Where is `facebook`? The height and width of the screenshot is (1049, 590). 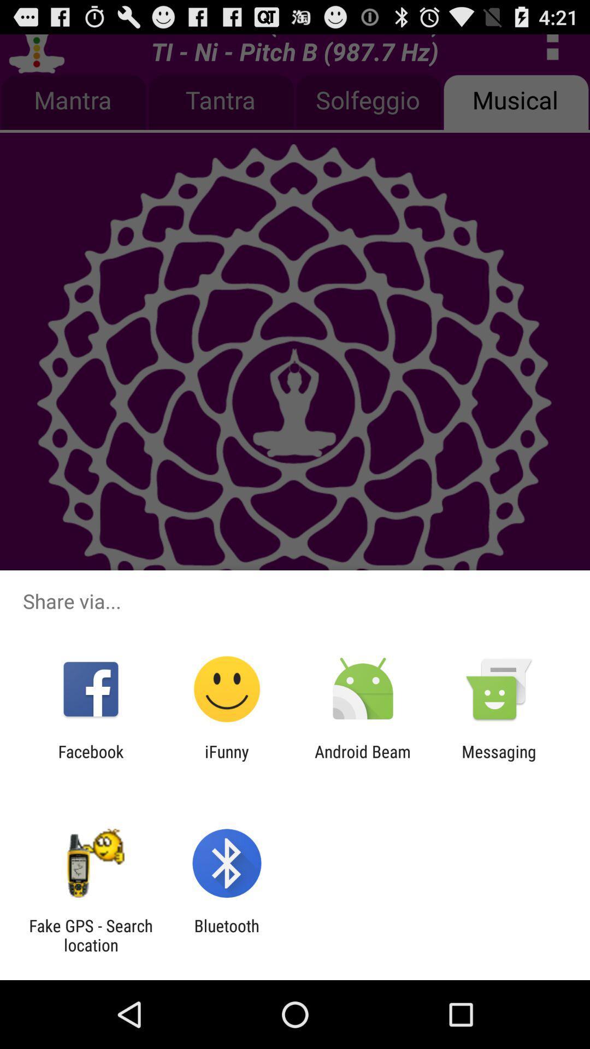 facebook is located at coordinates (90, 761).